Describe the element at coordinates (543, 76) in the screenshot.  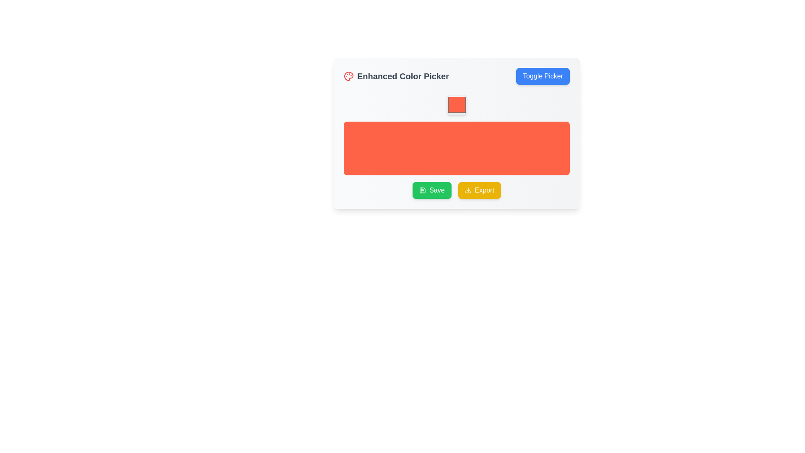
I see `the 'Toggle Picker' button, which has rounded corners, a blue background, and white text, located at the top-right of the interface` at that location.